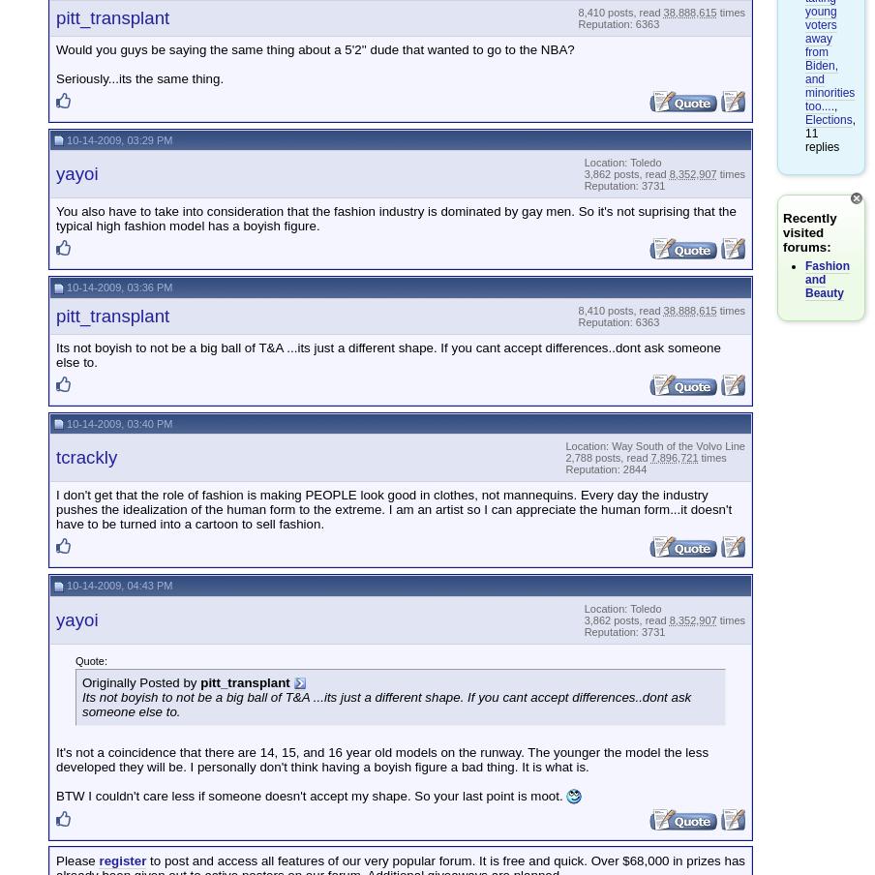  What do you see at coordinates (606, 468) in the screenshot?
I see `'Reputation: 2844'` at bounding box center [606, 468].